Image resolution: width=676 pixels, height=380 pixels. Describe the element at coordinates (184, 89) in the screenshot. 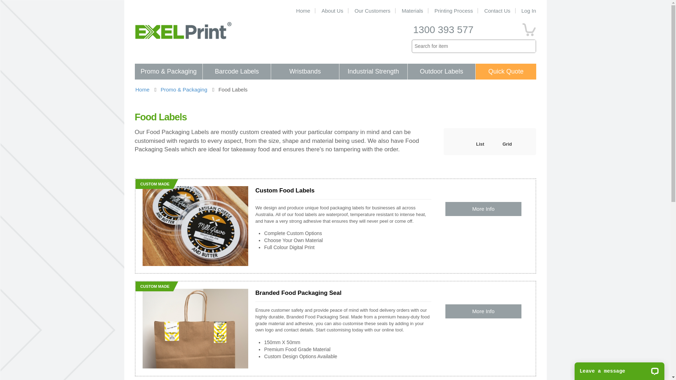

I see `'Promo & Packaging'` at that location.